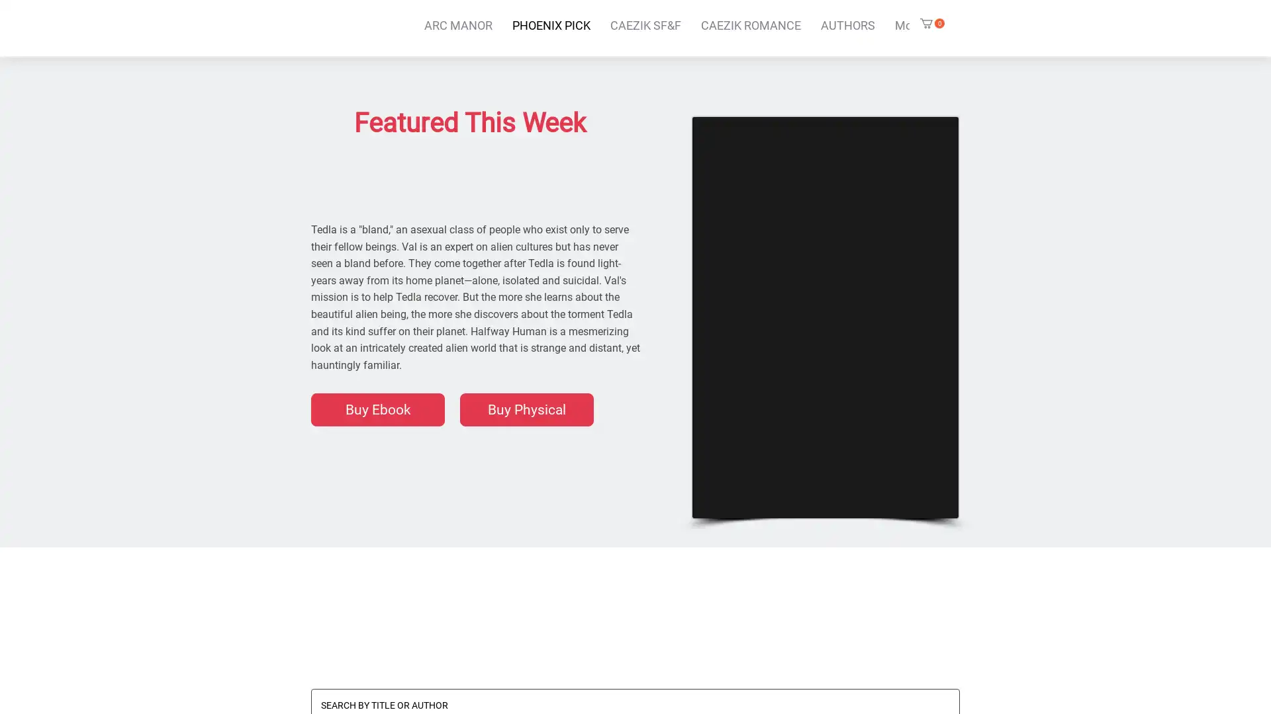 Image resolution: width=1271 pixels, height=714 pixels. I want to click on Cart with 0 items, so click(931, 23).